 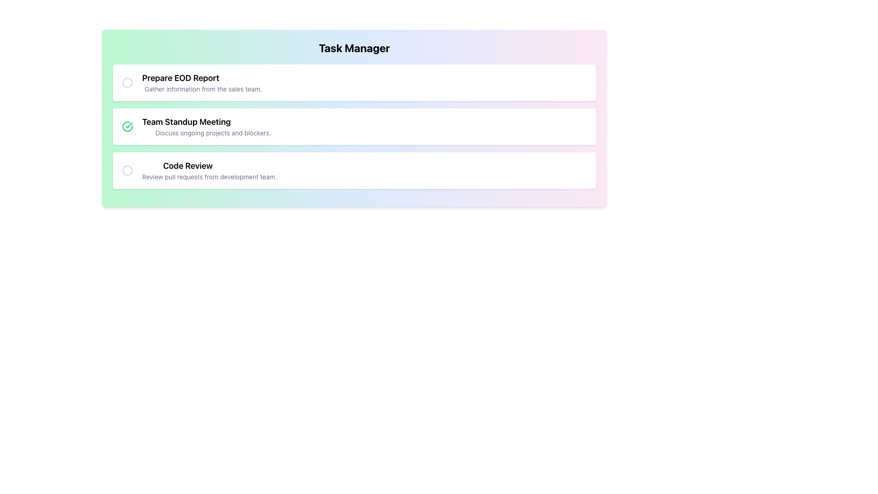 I want to click on the 'Code Review' task box, so click(x=353, y=171).